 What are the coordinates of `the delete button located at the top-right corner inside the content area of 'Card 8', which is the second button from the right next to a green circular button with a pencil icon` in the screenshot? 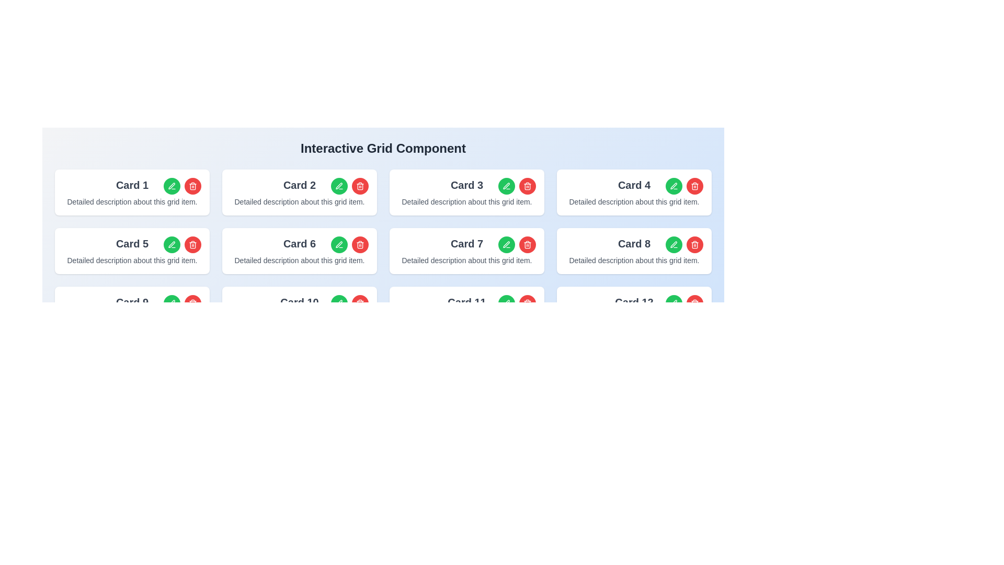 It's located at (684, 244).